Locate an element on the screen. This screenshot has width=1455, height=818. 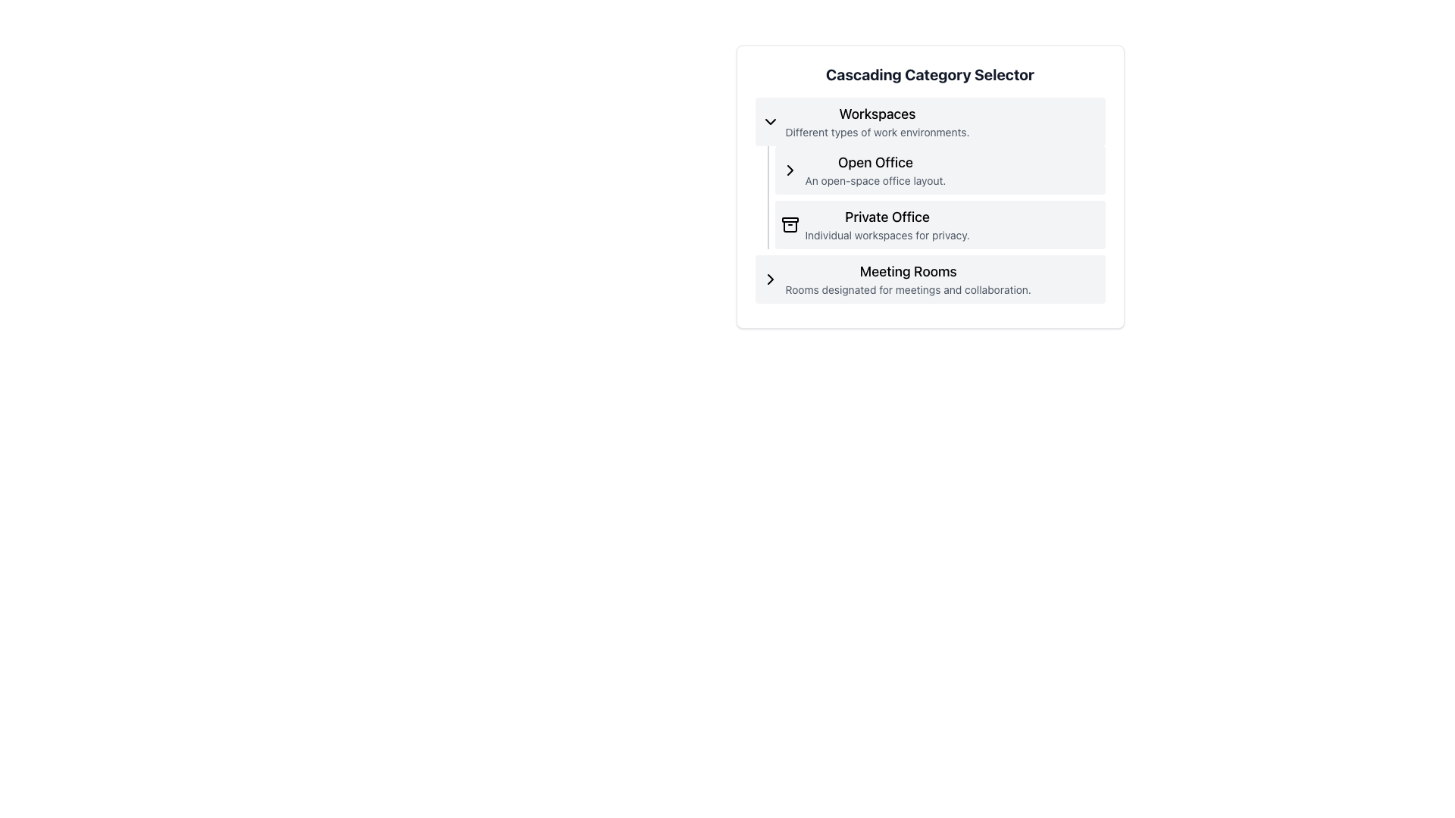
the Text Display element titled 'Workspaces', which features a bolded title and a smaller gray description, located near the top of a vertically stacked menu structure is located at coordinates (877, 121).